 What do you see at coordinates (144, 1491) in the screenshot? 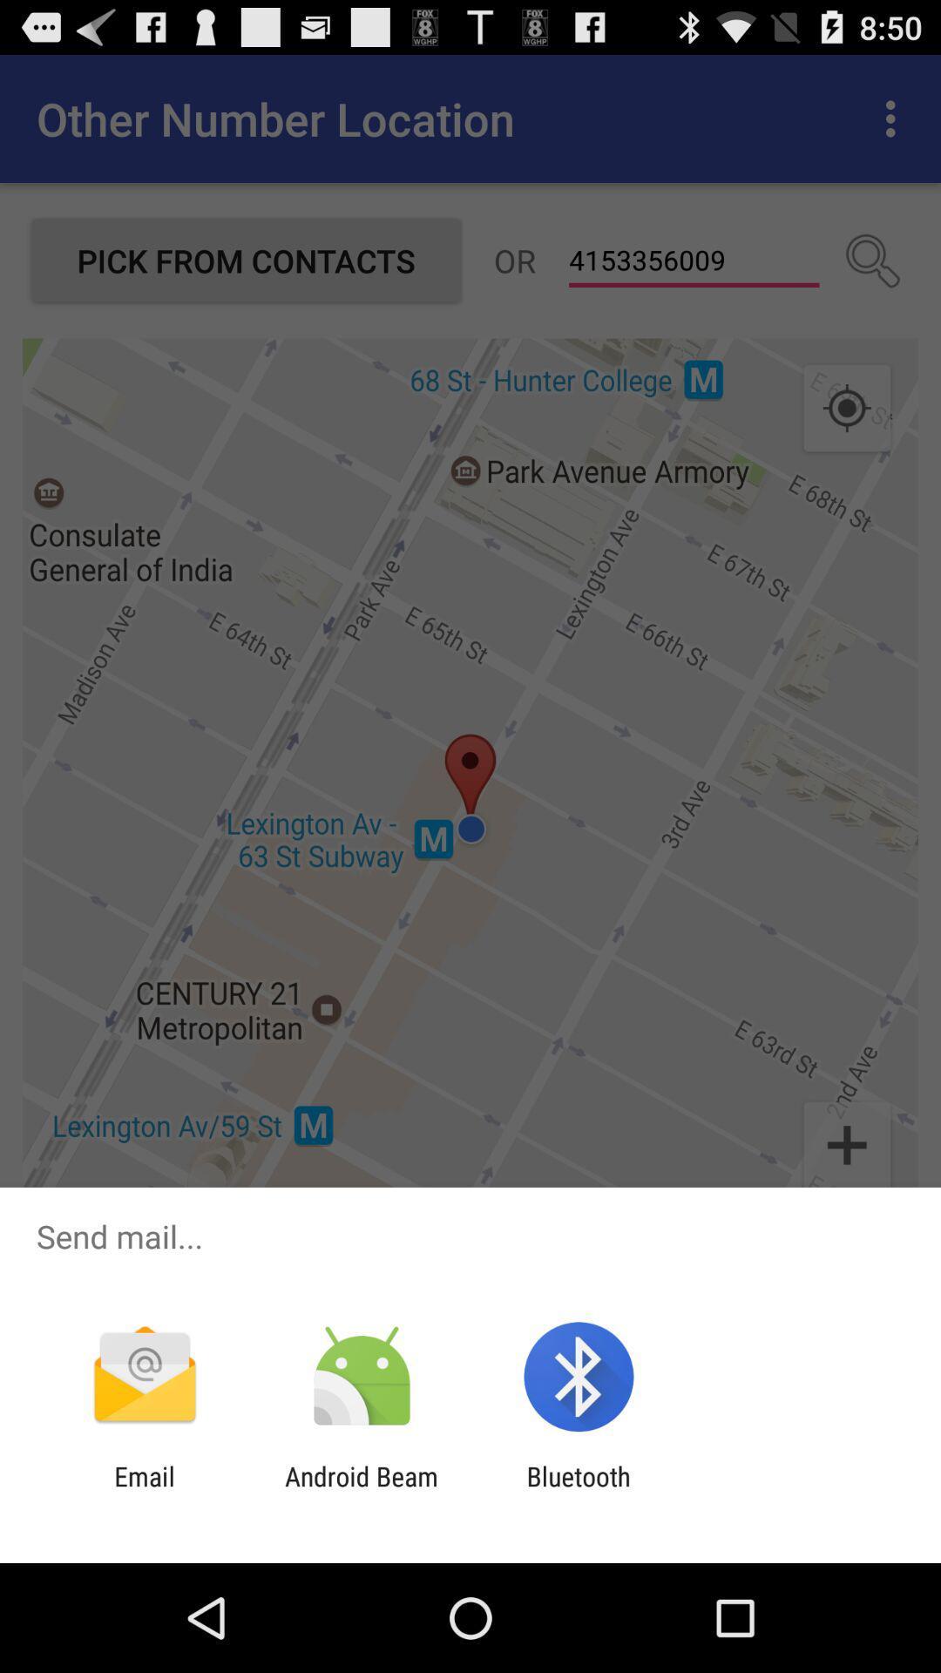
I see `the email item` at bounding box center [144, 1491].